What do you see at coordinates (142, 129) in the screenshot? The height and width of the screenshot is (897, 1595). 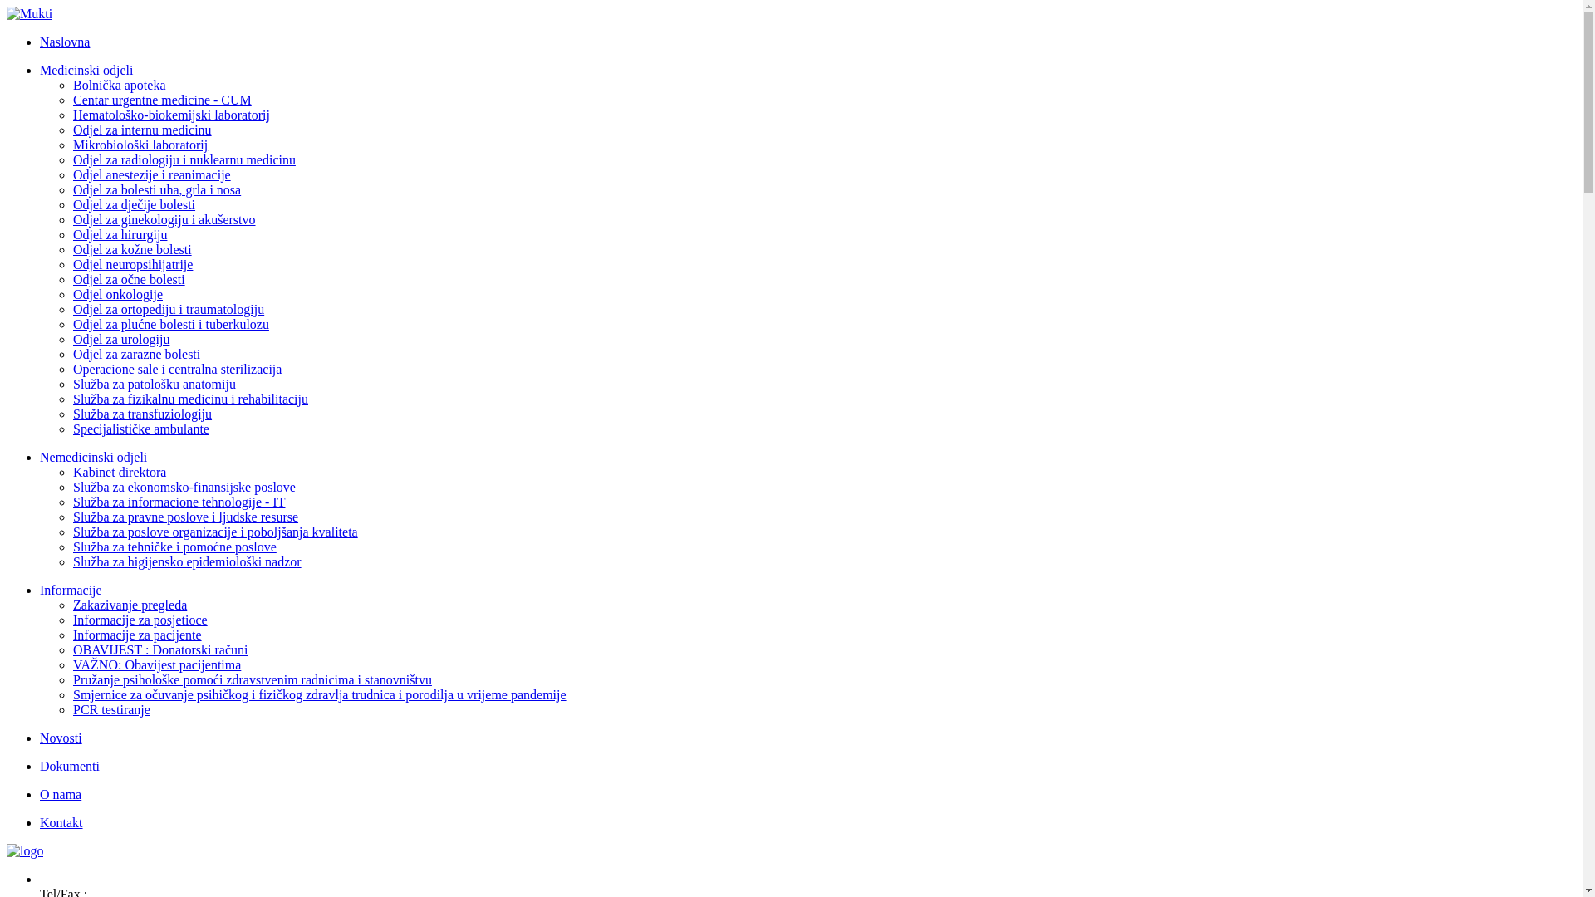 I see `'Odjel za internu medicinu'` at bounding box center [142, 129].